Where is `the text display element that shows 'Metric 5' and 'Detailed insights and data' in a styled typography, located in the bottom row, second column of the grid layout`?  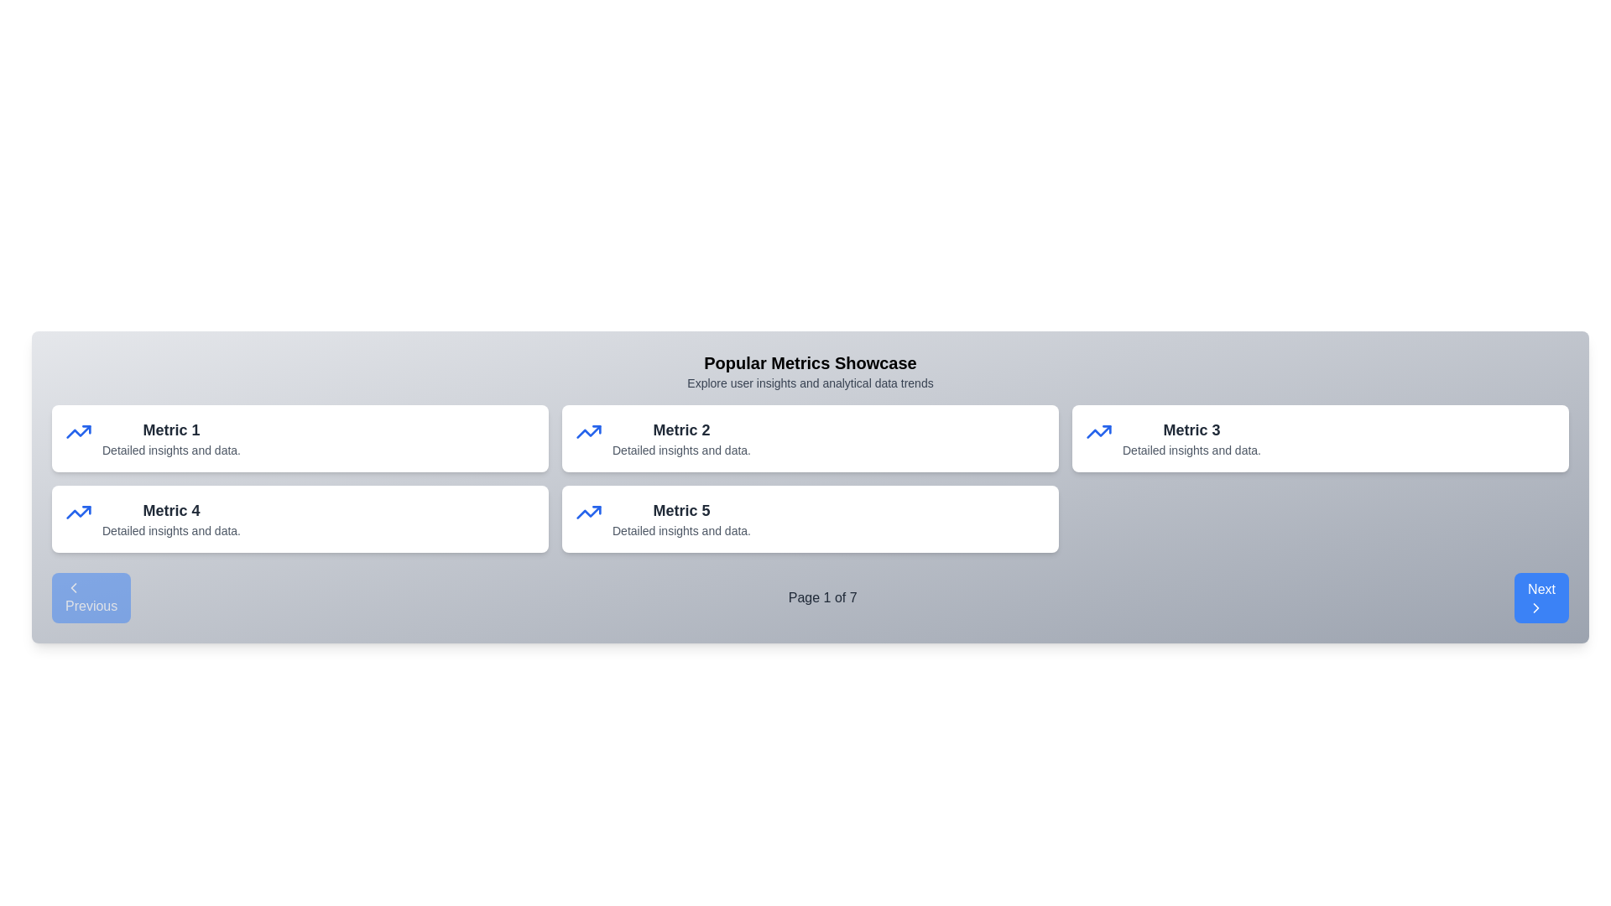
the text display element that shows 'Metric 5' and 'Detailed insights and data' in a styled typography, located in the bottom row, second column of the grid layout is located at coordinates (676, 518).